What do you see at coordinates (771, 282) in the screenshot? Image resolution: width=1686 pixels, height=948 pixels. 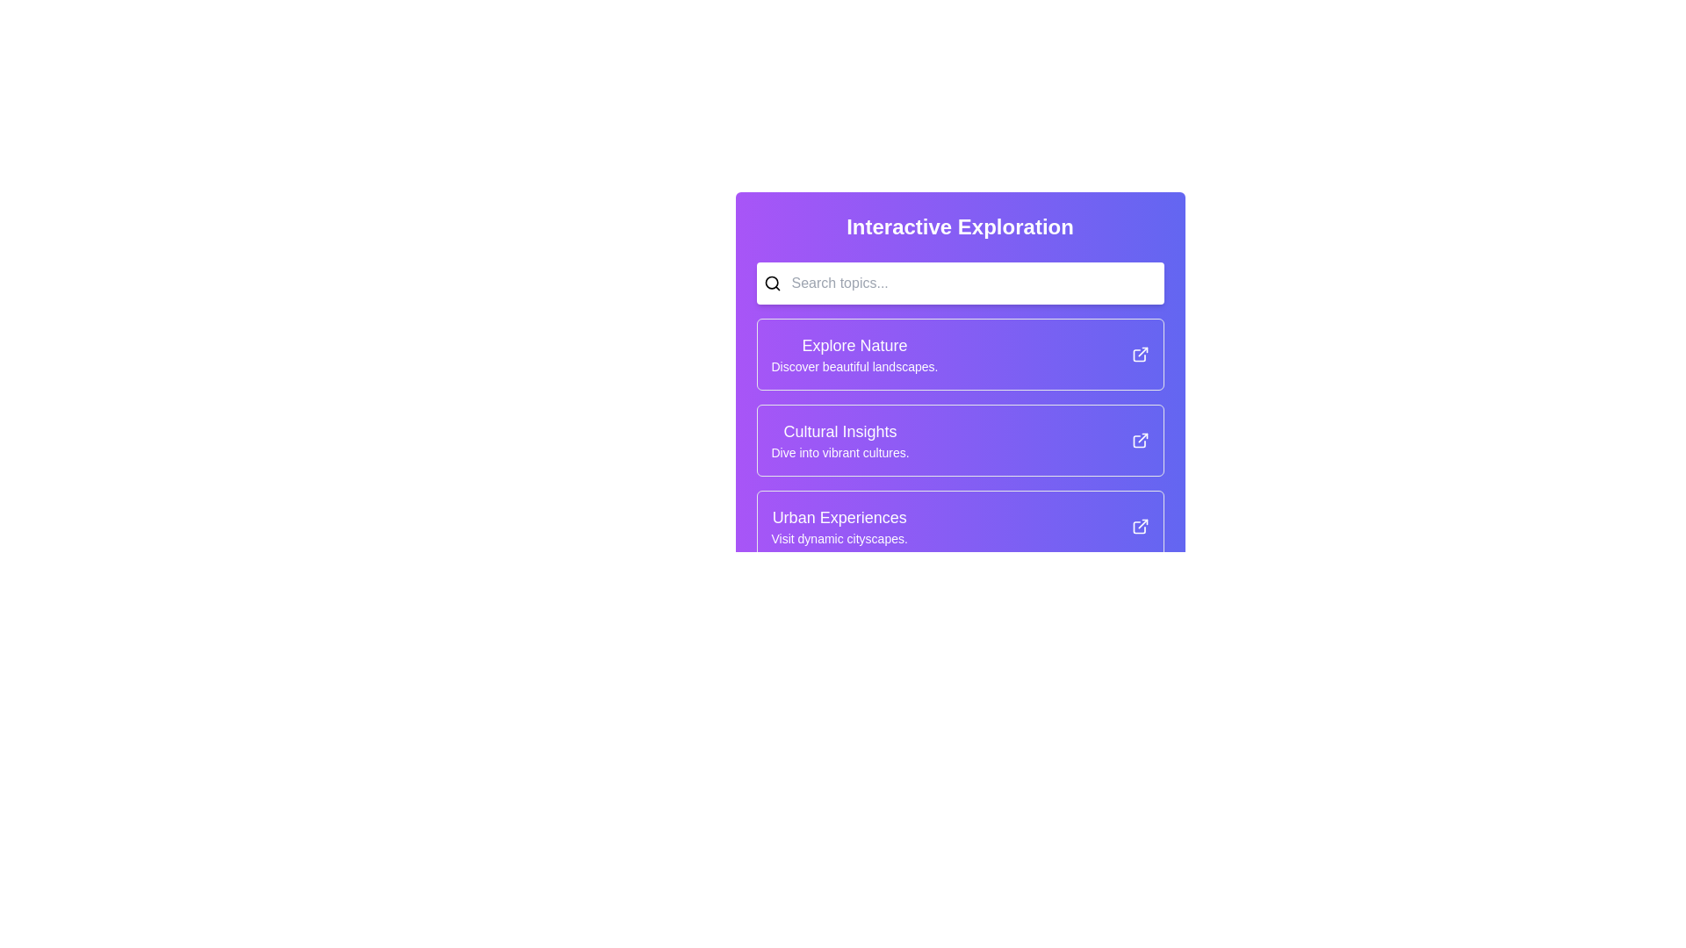 I see `the circular decorative graphic that represents the lens of the magnifying glass icon within the search bar, located to the left of the header text 'Interactive Exploration'` at bounding box center [771, 282].